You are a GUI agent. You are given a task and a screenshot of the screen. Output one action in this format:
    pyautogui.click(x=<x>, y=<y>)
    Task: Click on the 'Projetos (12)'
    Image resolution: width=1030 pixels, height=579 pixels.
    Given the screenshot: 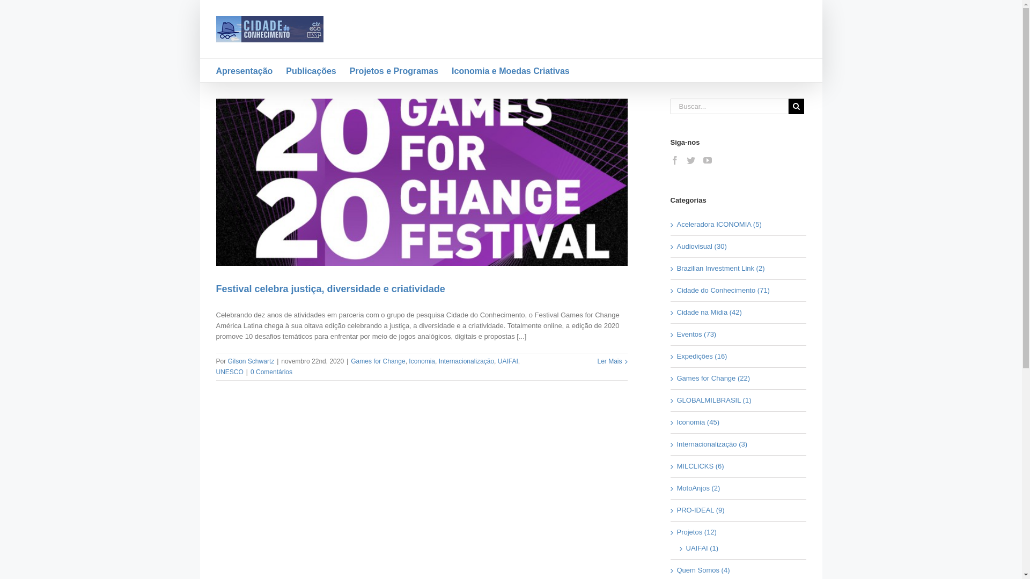 What is the action you would take?
    pyautogui.click(x=738, y=532)
    